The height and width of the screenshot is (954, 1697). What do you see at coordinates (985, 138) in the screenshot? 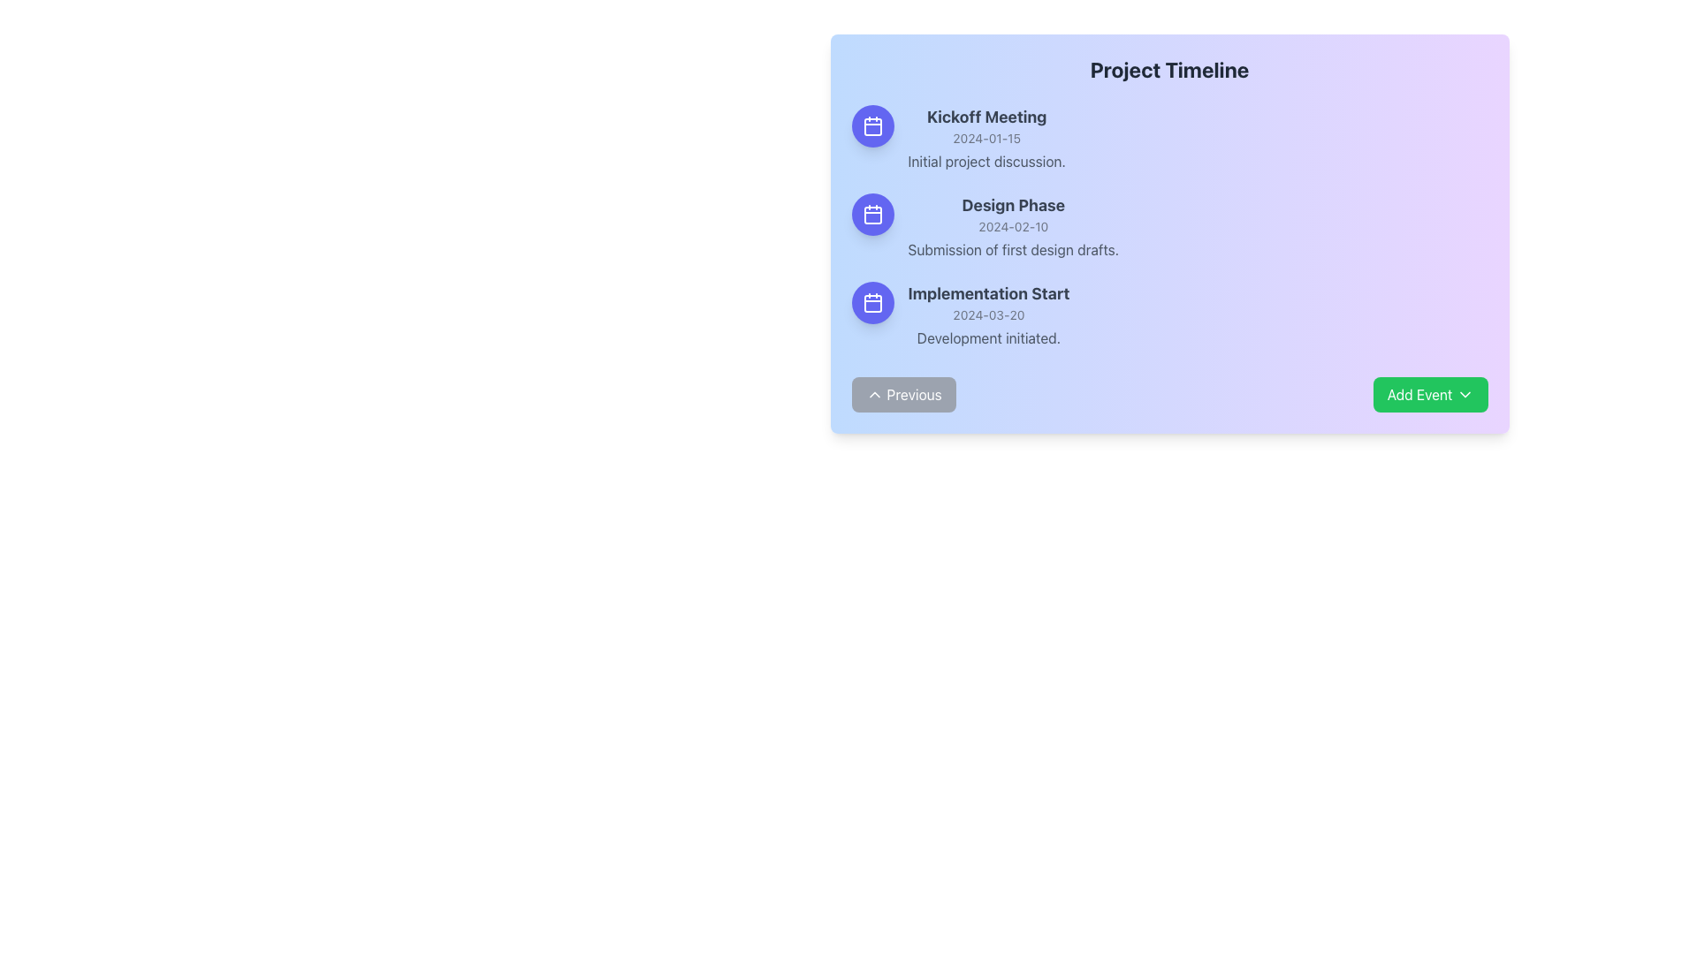
I see `the date label displaying '2024-01-15', which is located beneath the heading 'Kickoff Meeting' in the 'Project Timeline' panel` at bounding box center [985, 138].